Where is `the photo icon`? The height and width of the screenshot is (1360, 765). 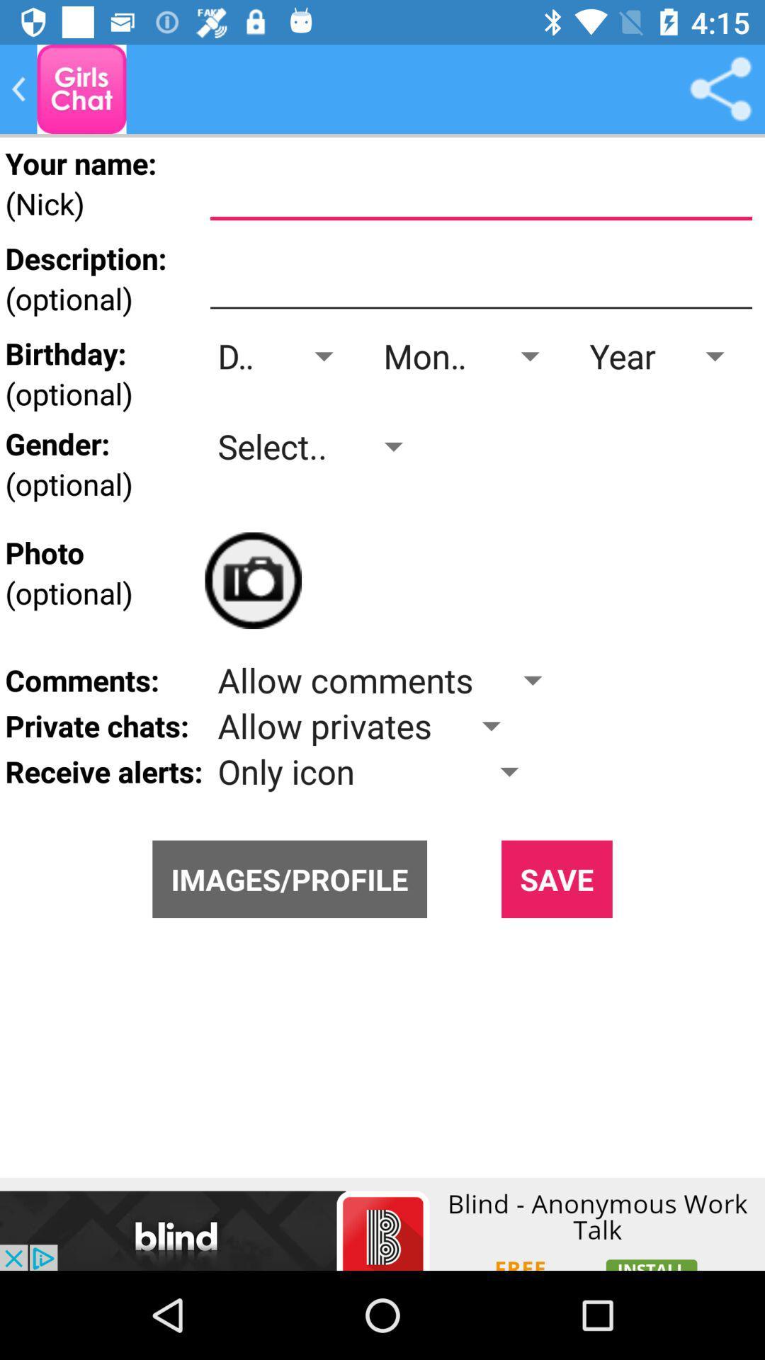
the photo icon is located at coordinates (252, 580).